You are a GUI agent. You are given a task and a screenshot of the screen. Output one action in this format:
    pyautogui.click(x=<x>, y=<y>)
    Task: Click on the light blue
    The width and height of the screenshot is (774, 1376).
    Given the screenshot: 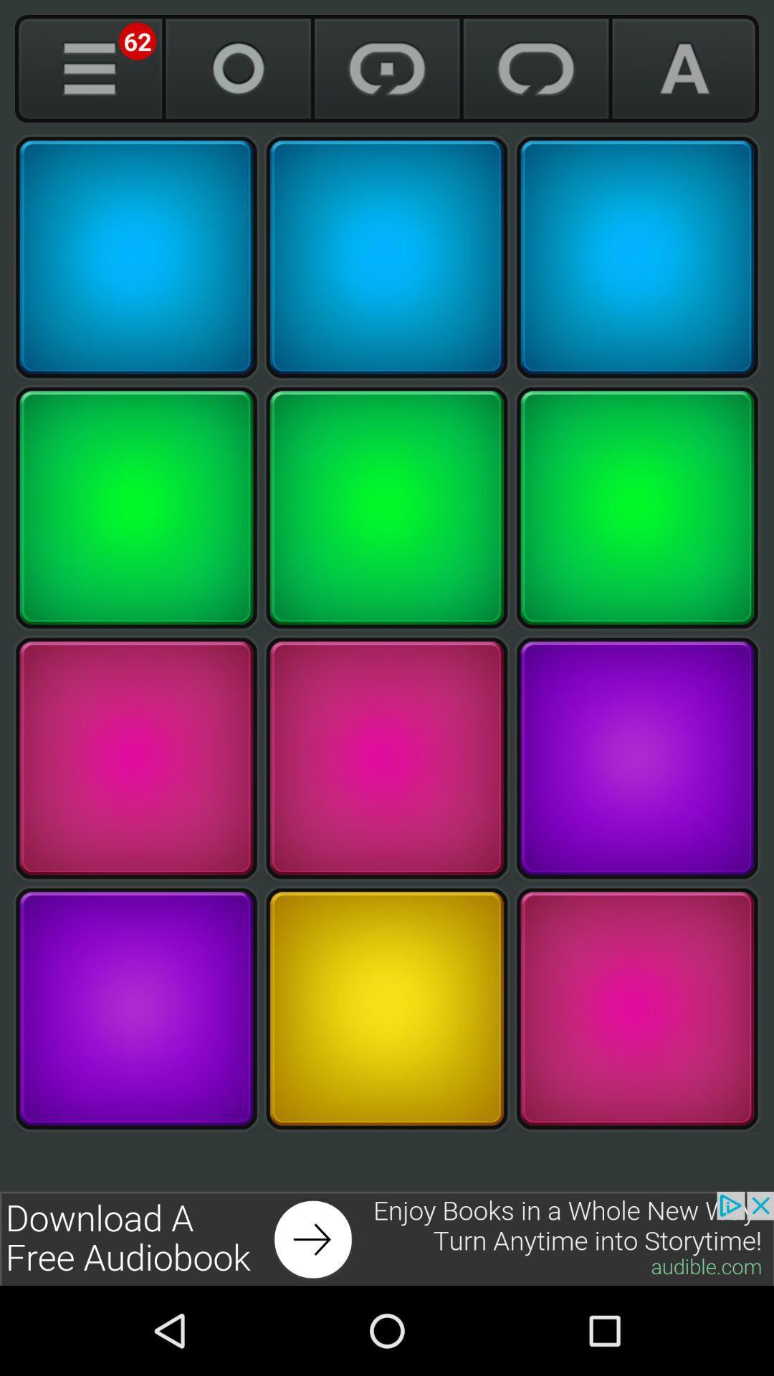 What is the action you would take?
    pyautogui.click(x=387, y=257)
    